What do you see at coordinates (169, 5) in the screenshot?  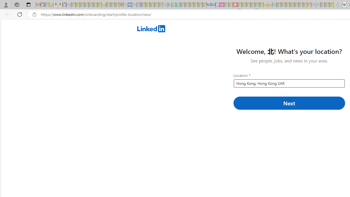 I see `'Bluey: Let'` at bounding box center [169, 5].